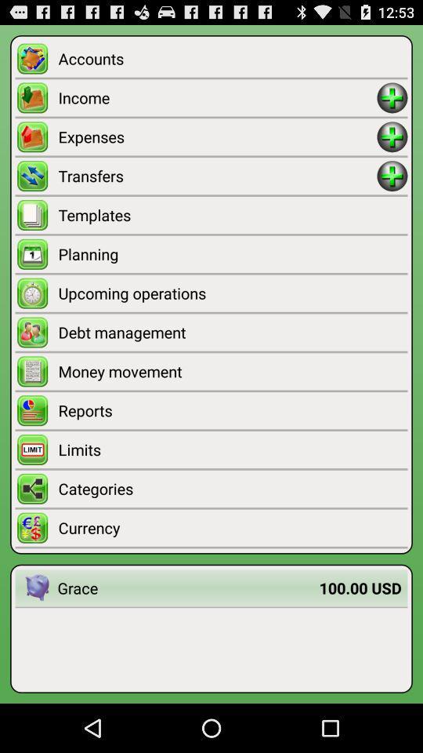  Describe the element at coordinates (232, 254) in the screenshot. I see `the planning item` at that location.